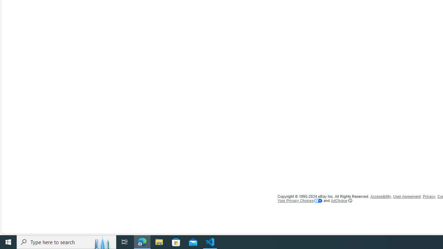 The width and height of the screenshot is (443, 249). Describe the element at coordinates (380, 196) in the screenshot. I see `'Accessibility'` at that location.